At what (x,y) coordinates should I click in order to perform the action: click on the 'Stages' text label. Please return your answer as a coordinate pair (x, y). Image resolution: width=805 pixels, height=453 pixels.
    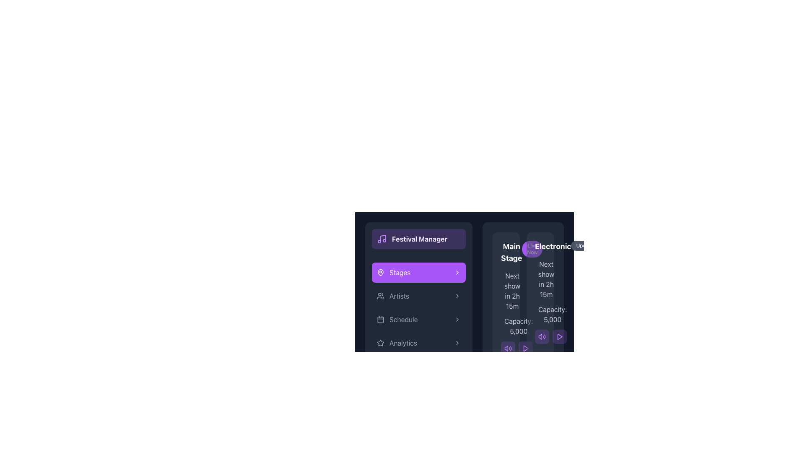
    Looking at the image, I should click on (400, 273).